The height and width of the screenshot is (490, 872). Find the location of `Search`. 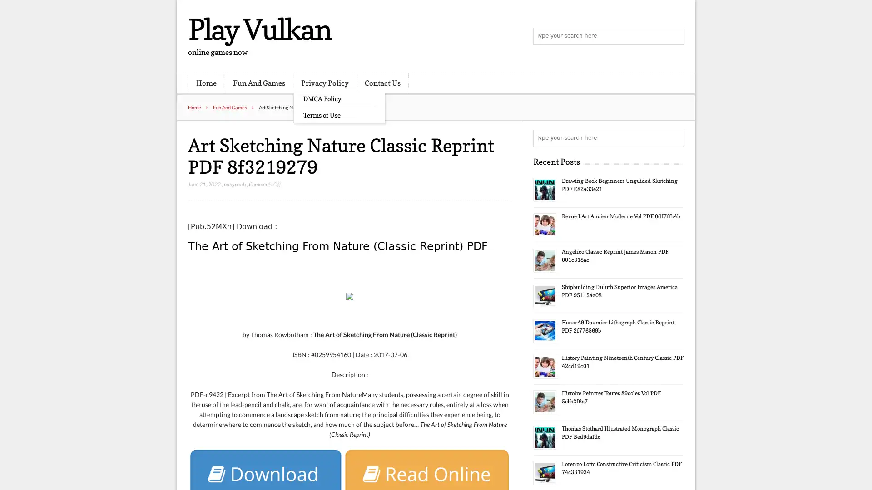

Search is located at coordinates (674, 36).